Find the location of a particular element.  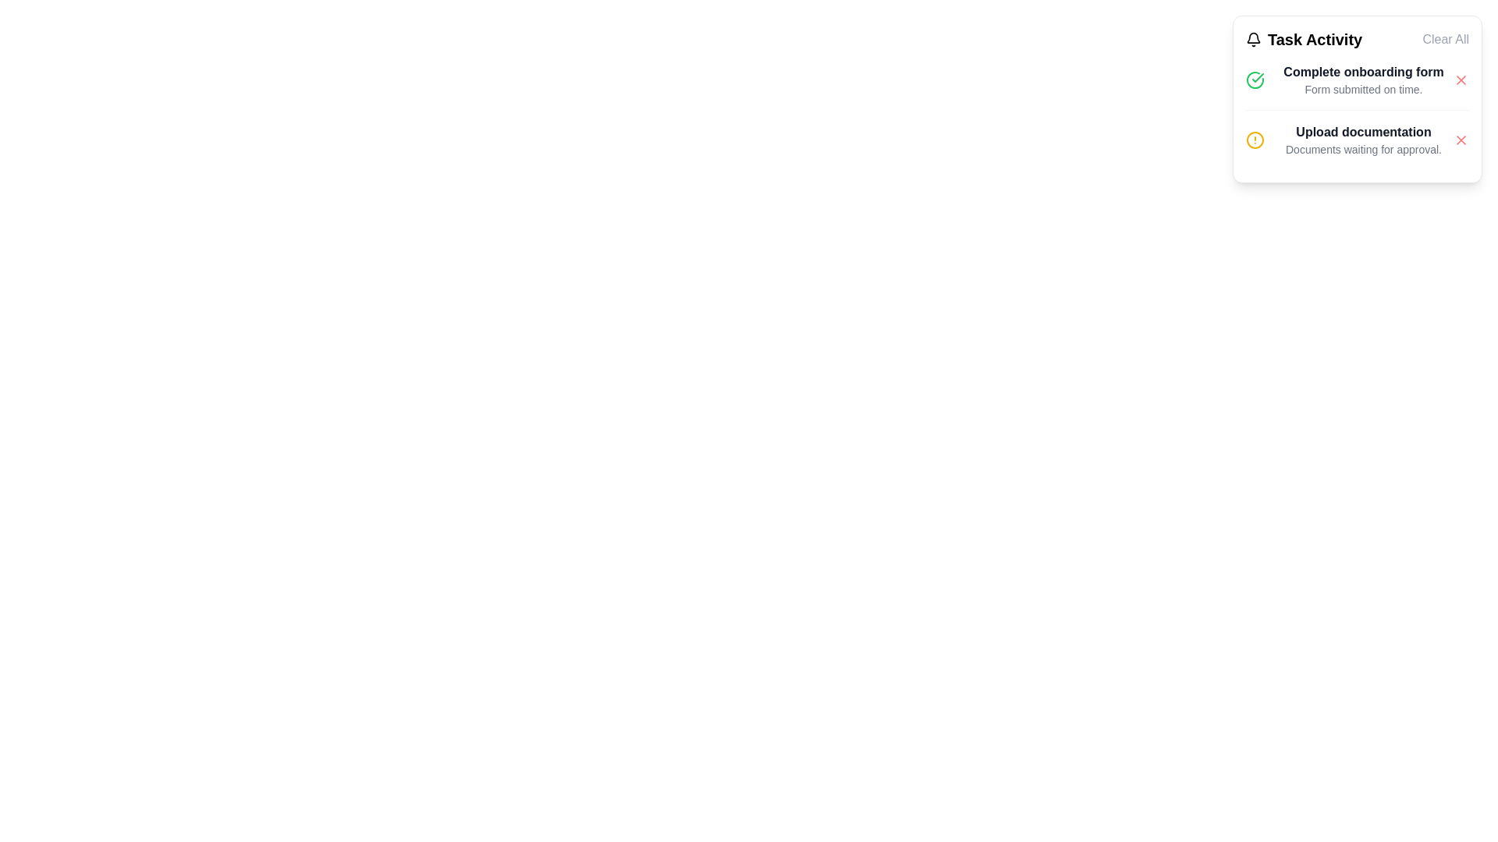

the circular green icon with a checkmark inside it, which indicates completion or success, located in the 'Task Activity' section to the left of the text 'Complete onboarding form' and 'Form submitted on time.' is located at coordinates (1255, 80).